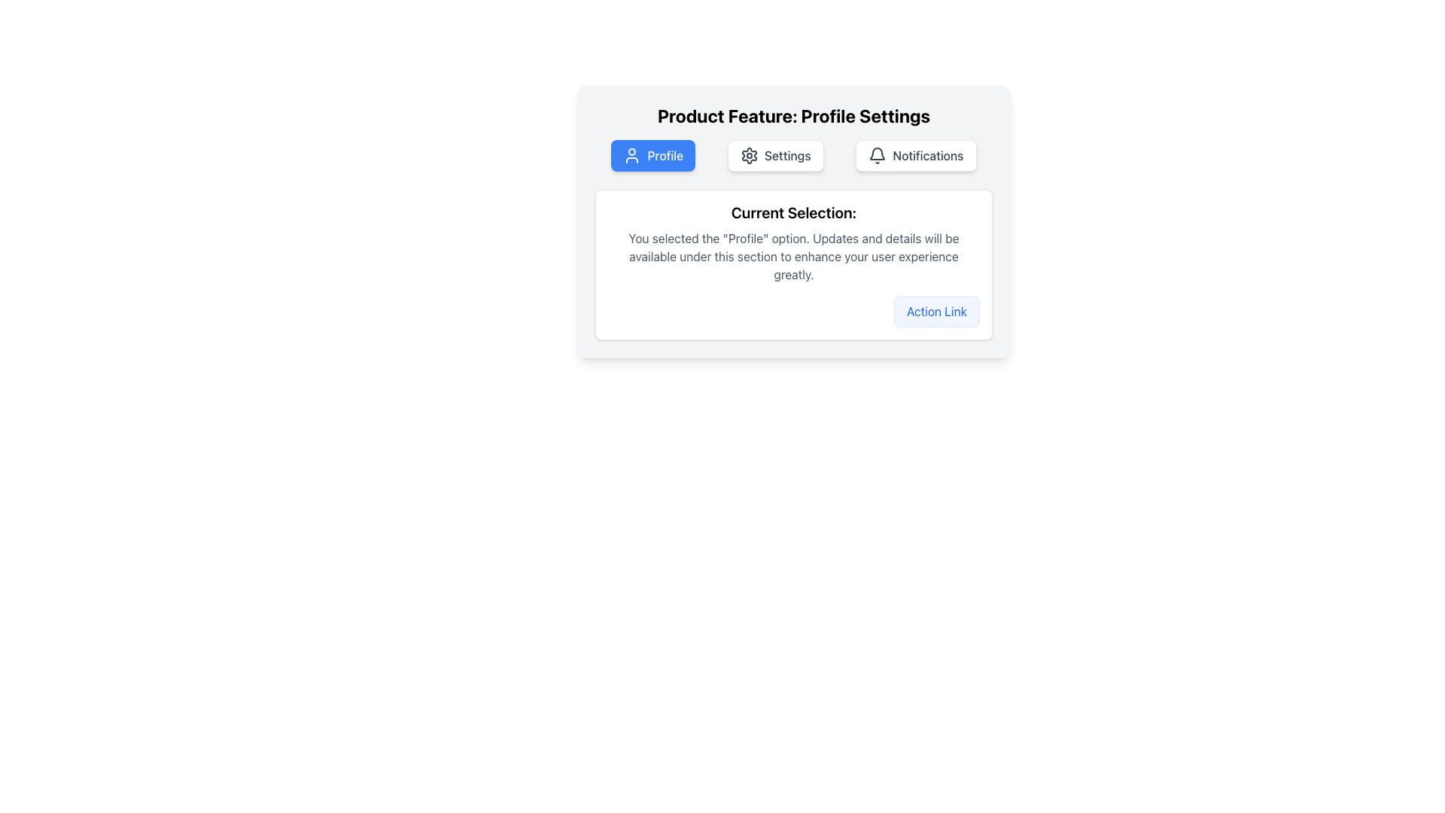 The image size is (1445, 813). I want to click on the rectangular button labeled 'Profile' with a blue background and white text, located on the top-left side of the group of three buttons, so click(653, 156).